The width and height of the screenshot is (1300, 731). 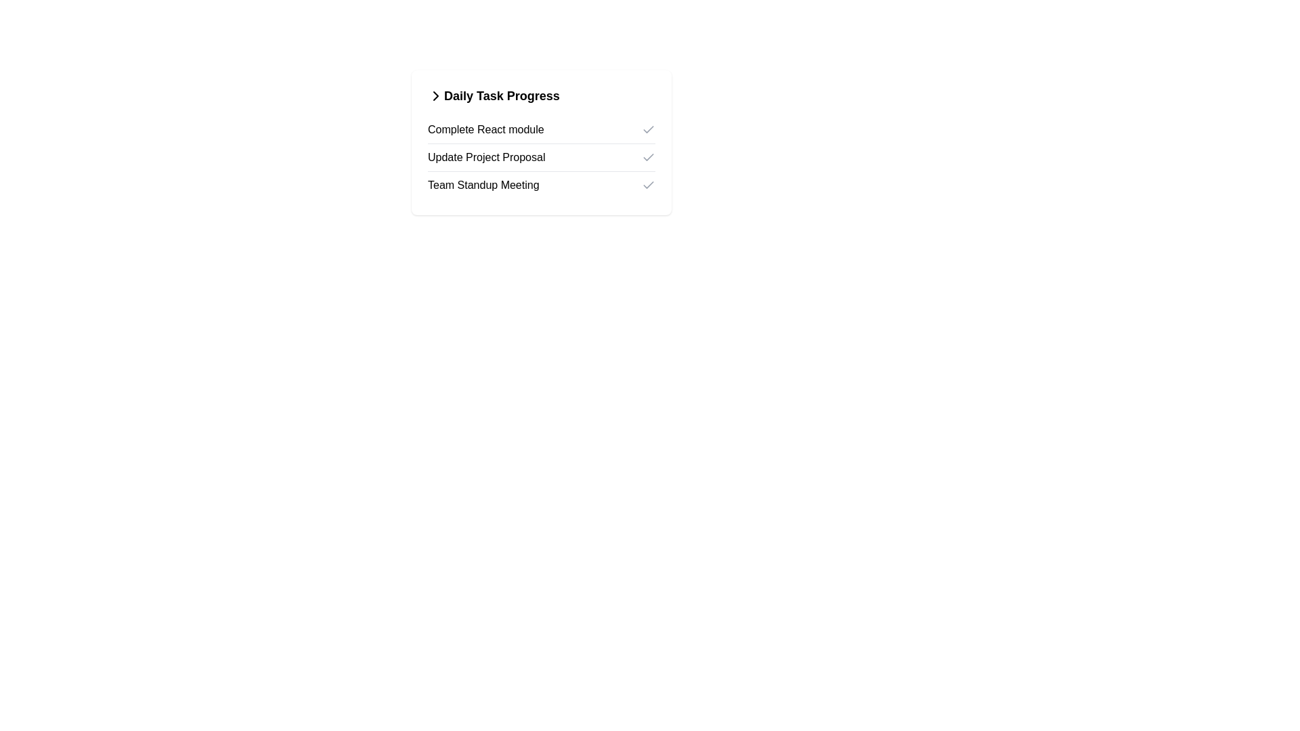 I want to click on the checkmark icon that indicates the completion status of the task 'Complete React module', located at the top of the task list, so click(x=648, y=130).